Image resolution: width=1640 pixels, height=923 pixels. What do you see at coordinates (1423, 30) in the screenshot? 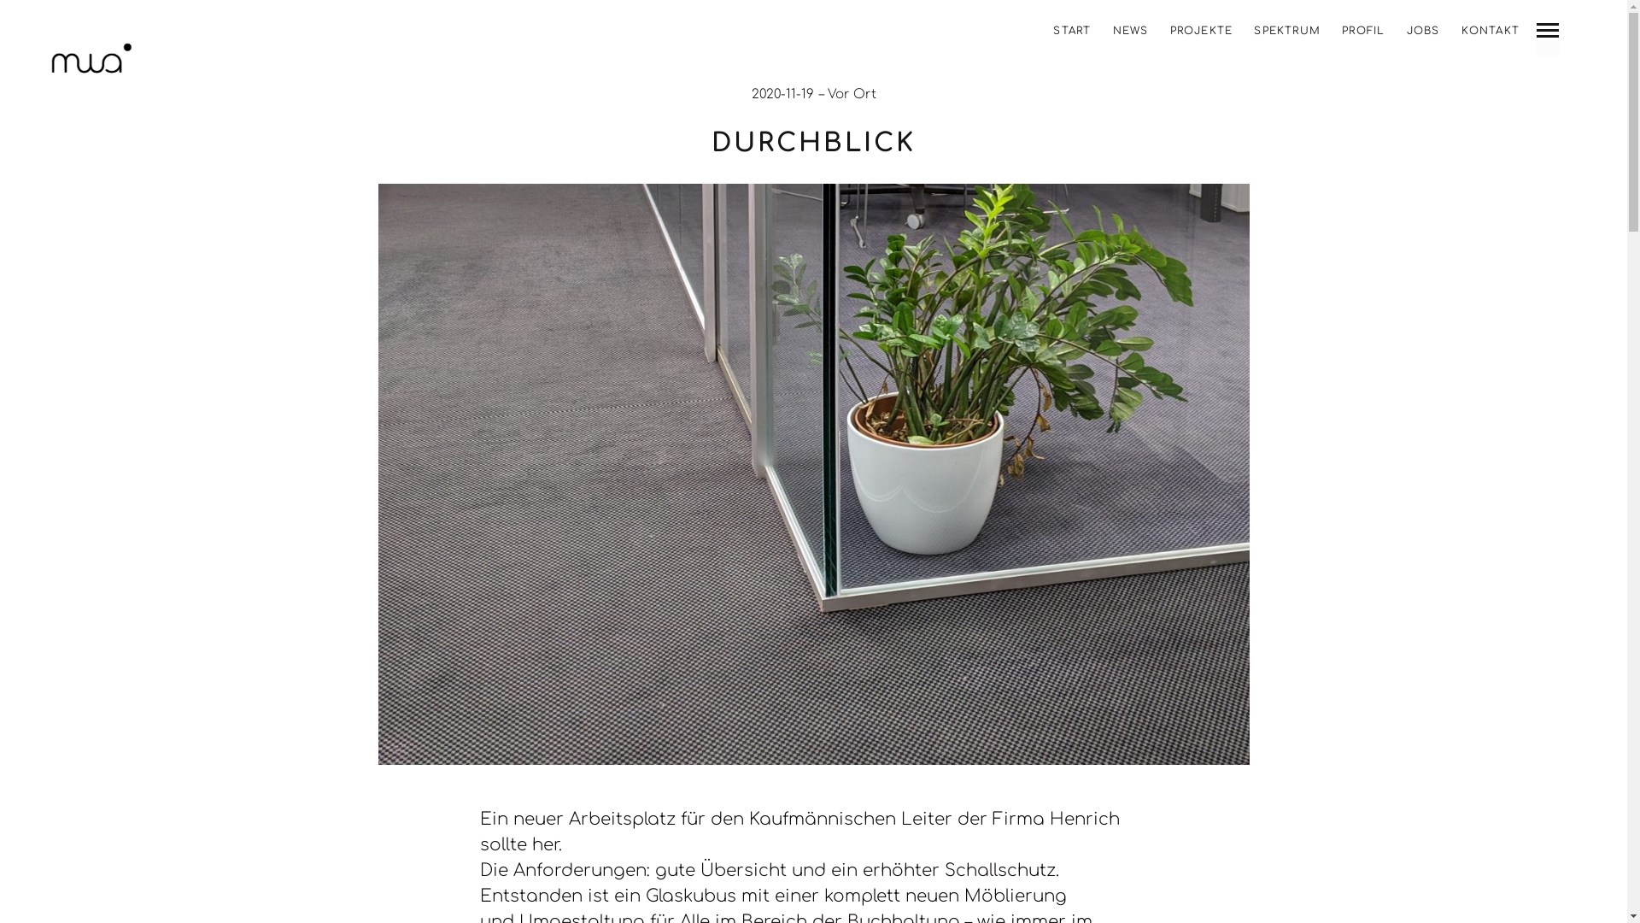
I see `'JOBS'` at bounding box center [1423, 30].